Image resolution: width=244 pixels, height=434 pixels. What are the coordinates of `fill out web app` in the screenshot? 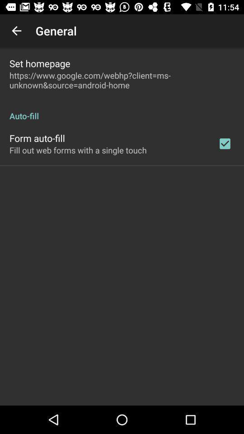 It's located at (78, 150).